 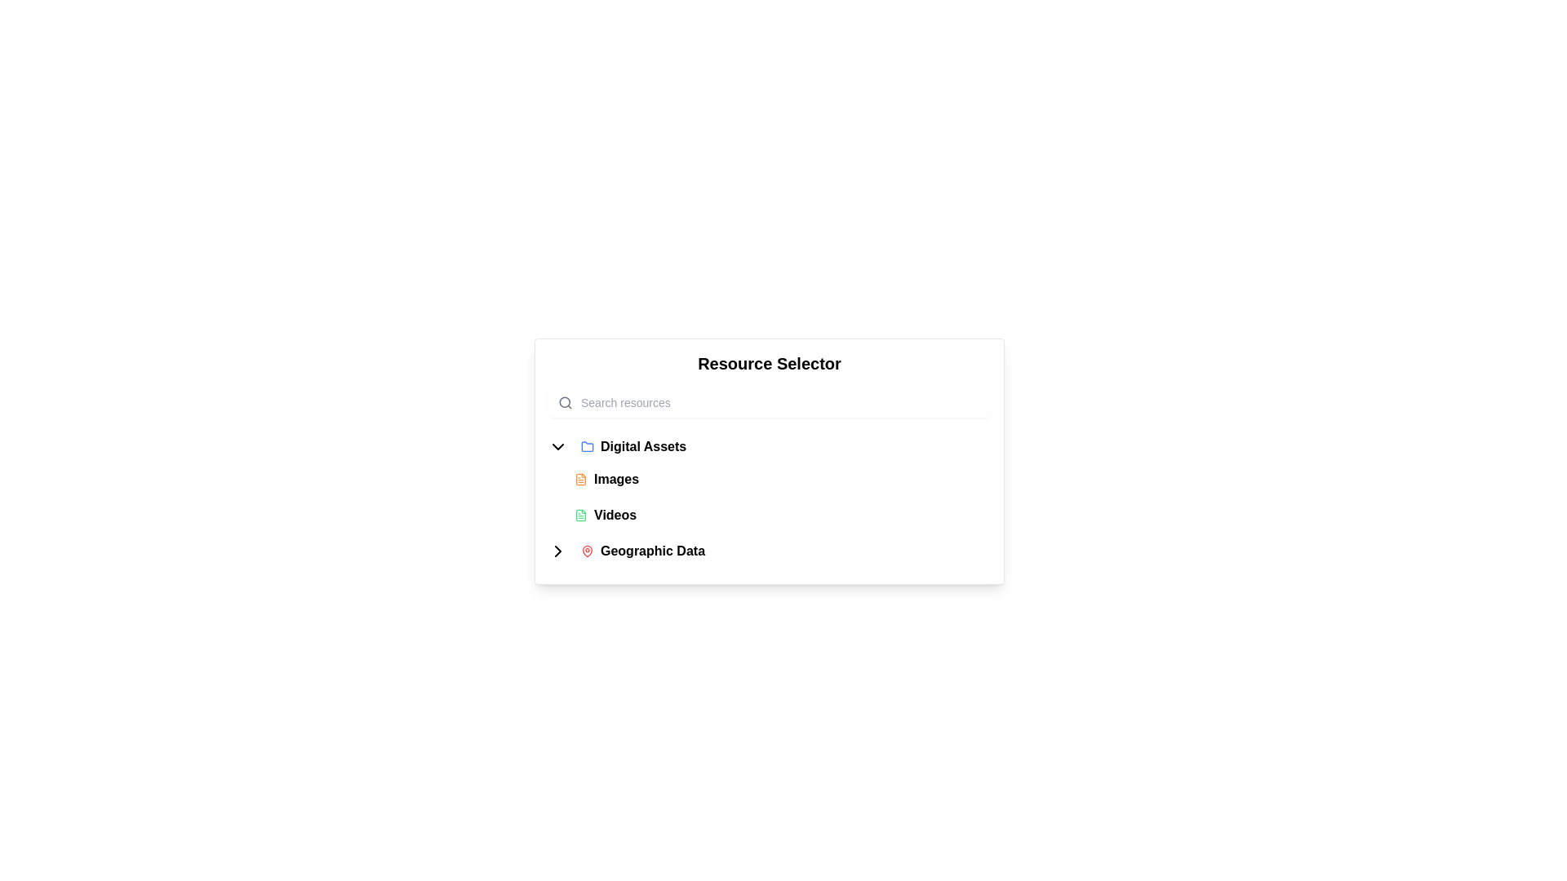 What do you see at coordinates (580, 516) in the screenshot?
I see `the green file icon representing a document, located to the left of the 'Videos' label in the button structure` at bounding box center [580, 516].